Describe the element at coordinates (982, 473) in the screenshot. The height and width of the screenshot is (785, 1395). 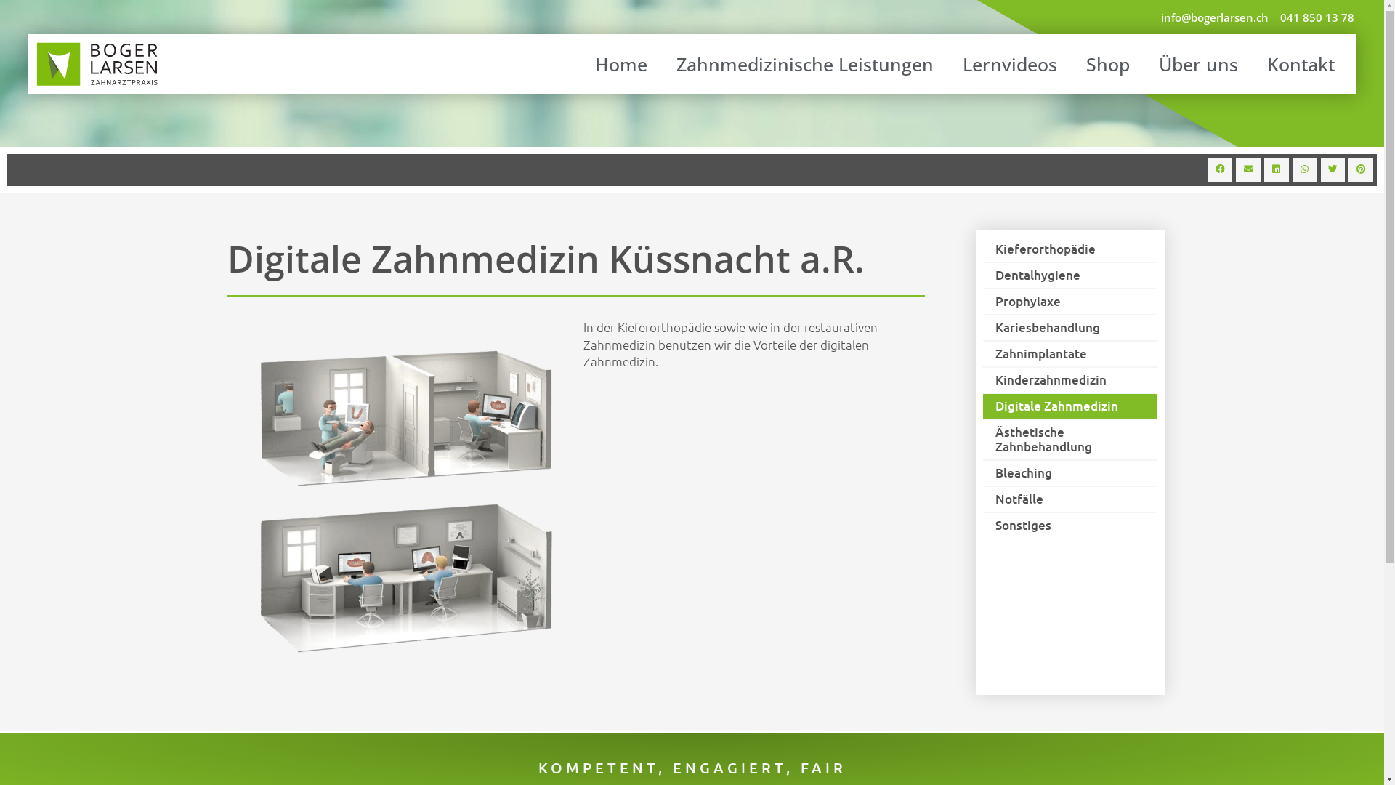
I see `'Bleaching'` at that location.